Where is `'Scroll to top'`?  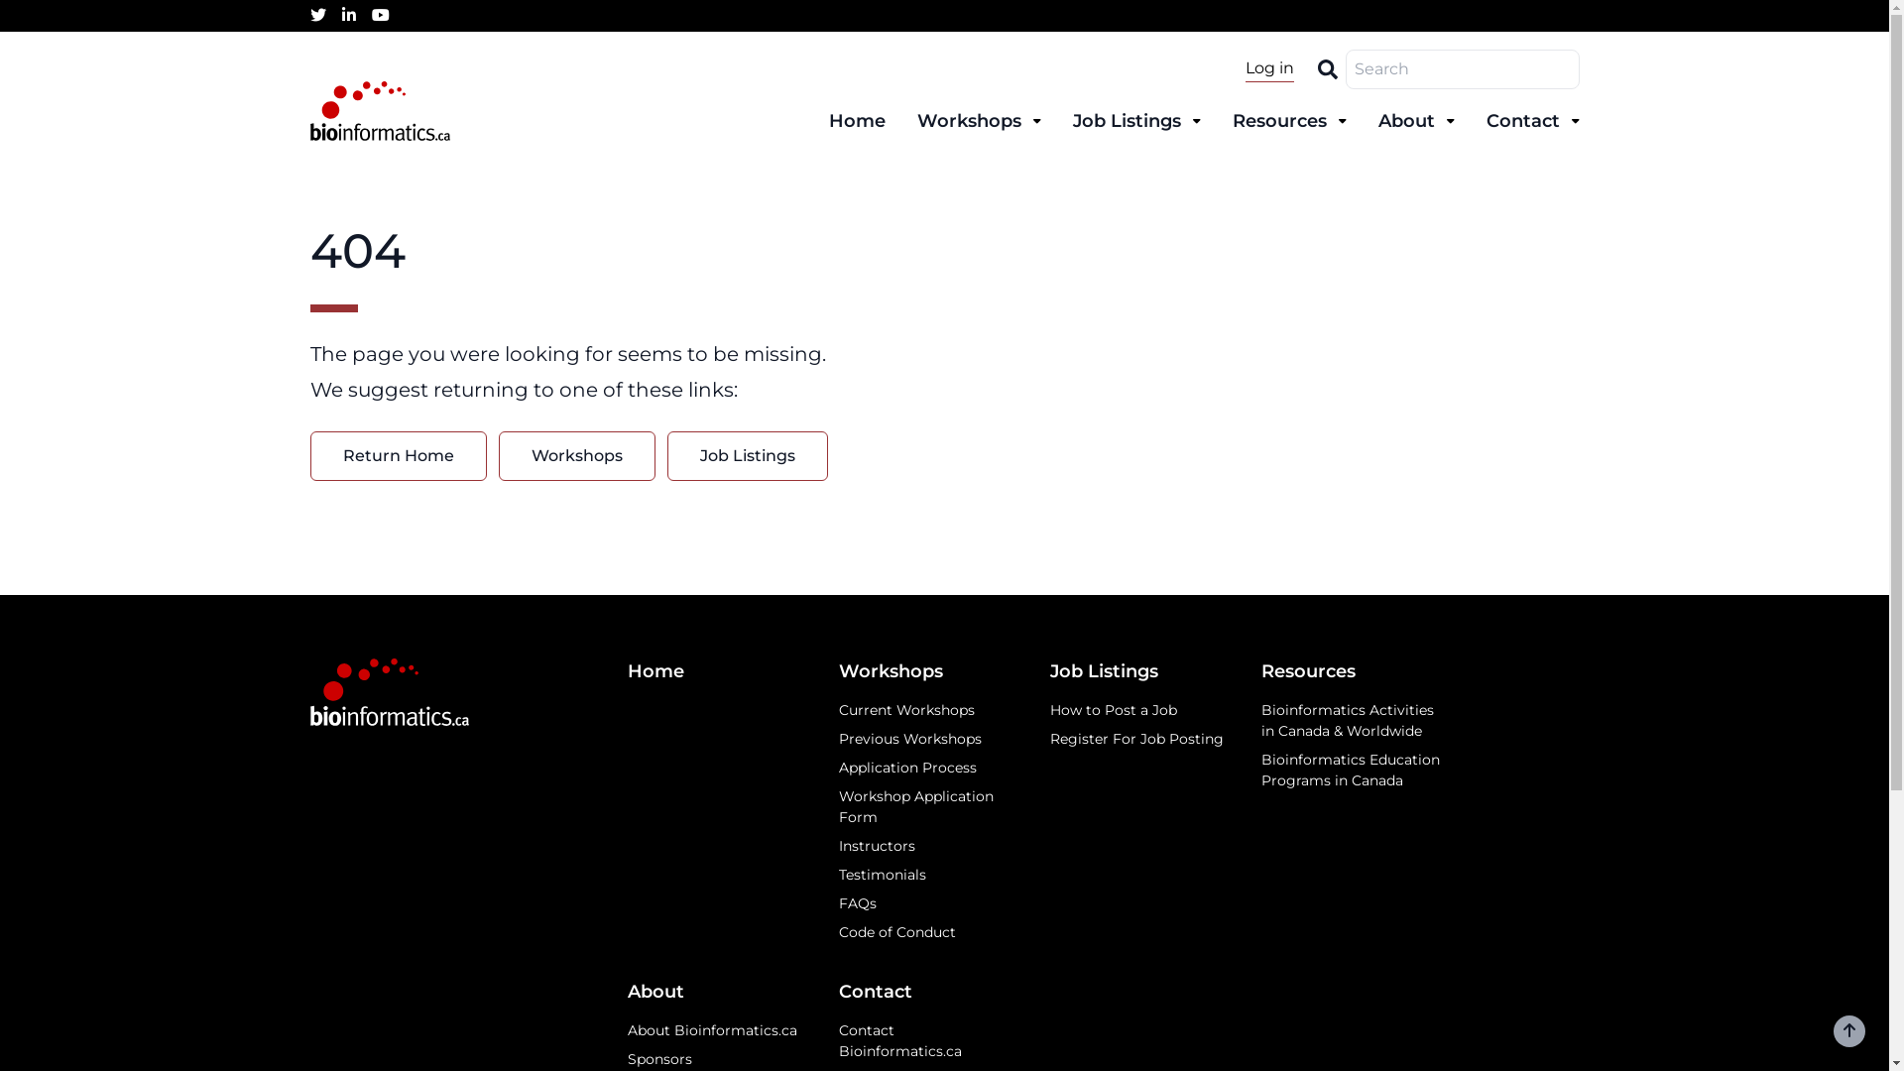
'Scroll to top' is located at coordinates (1848, 1030).